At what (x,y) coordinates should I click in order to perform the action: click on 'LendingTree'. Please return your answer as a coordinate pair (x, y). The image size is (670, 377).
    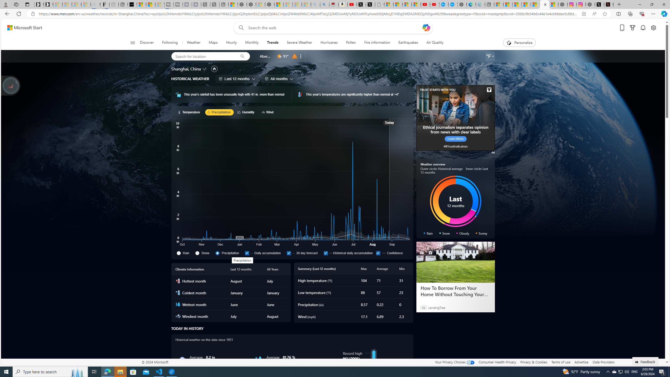
    Looking at the image, I should click on (436, 308).